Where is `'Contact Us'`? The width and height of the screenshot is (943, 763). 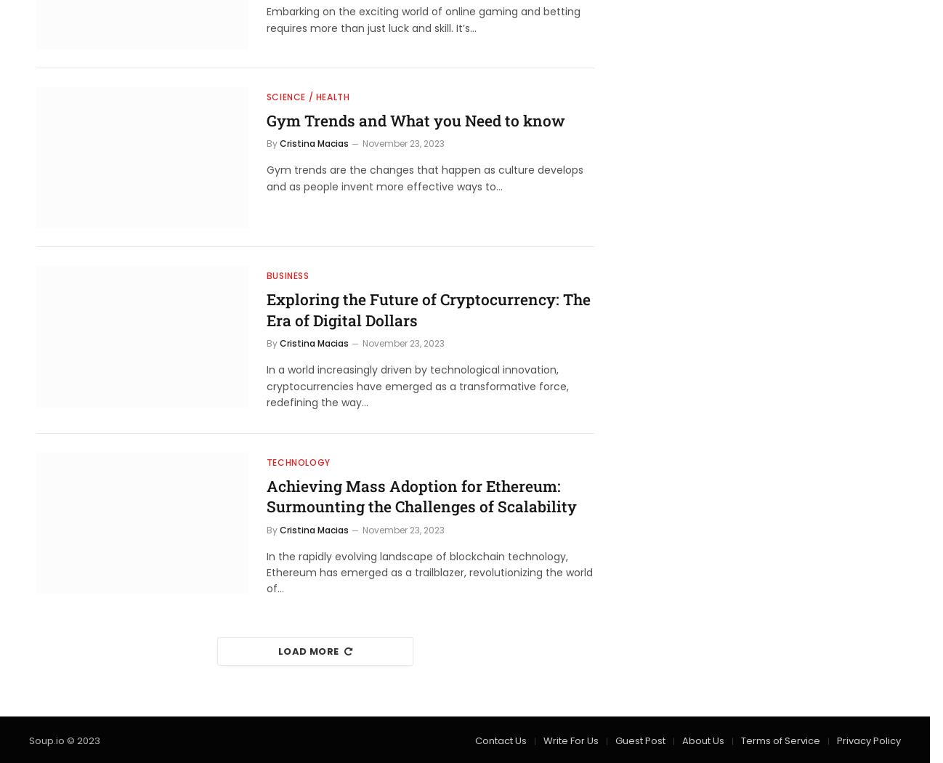
'Contact Us' is located at coordinates (500, 739).